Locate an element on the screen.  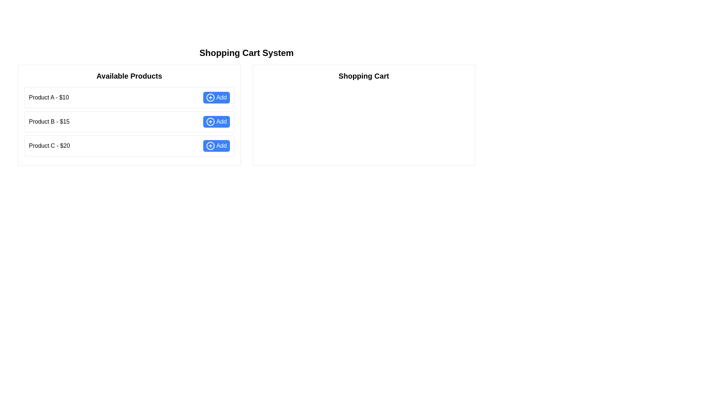
the circular 'Add' icon with a plus sign in the center, located next to the 'Product B - $15' label is located at coordinates (210, 121).